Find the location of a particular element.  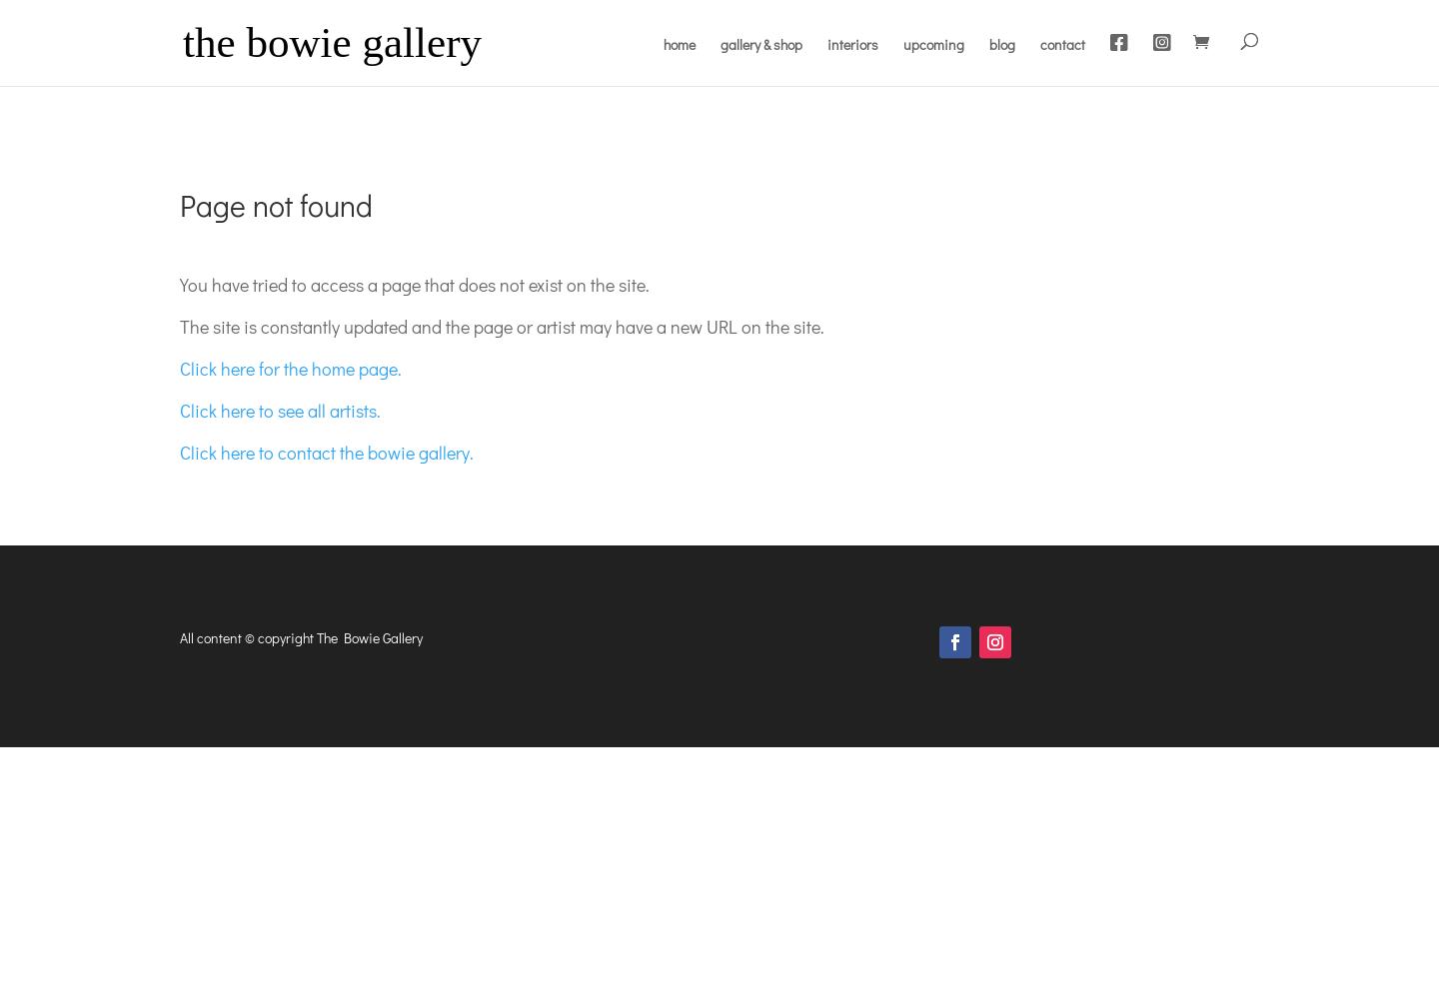

'interiors' is located at coordinates (826, 44).